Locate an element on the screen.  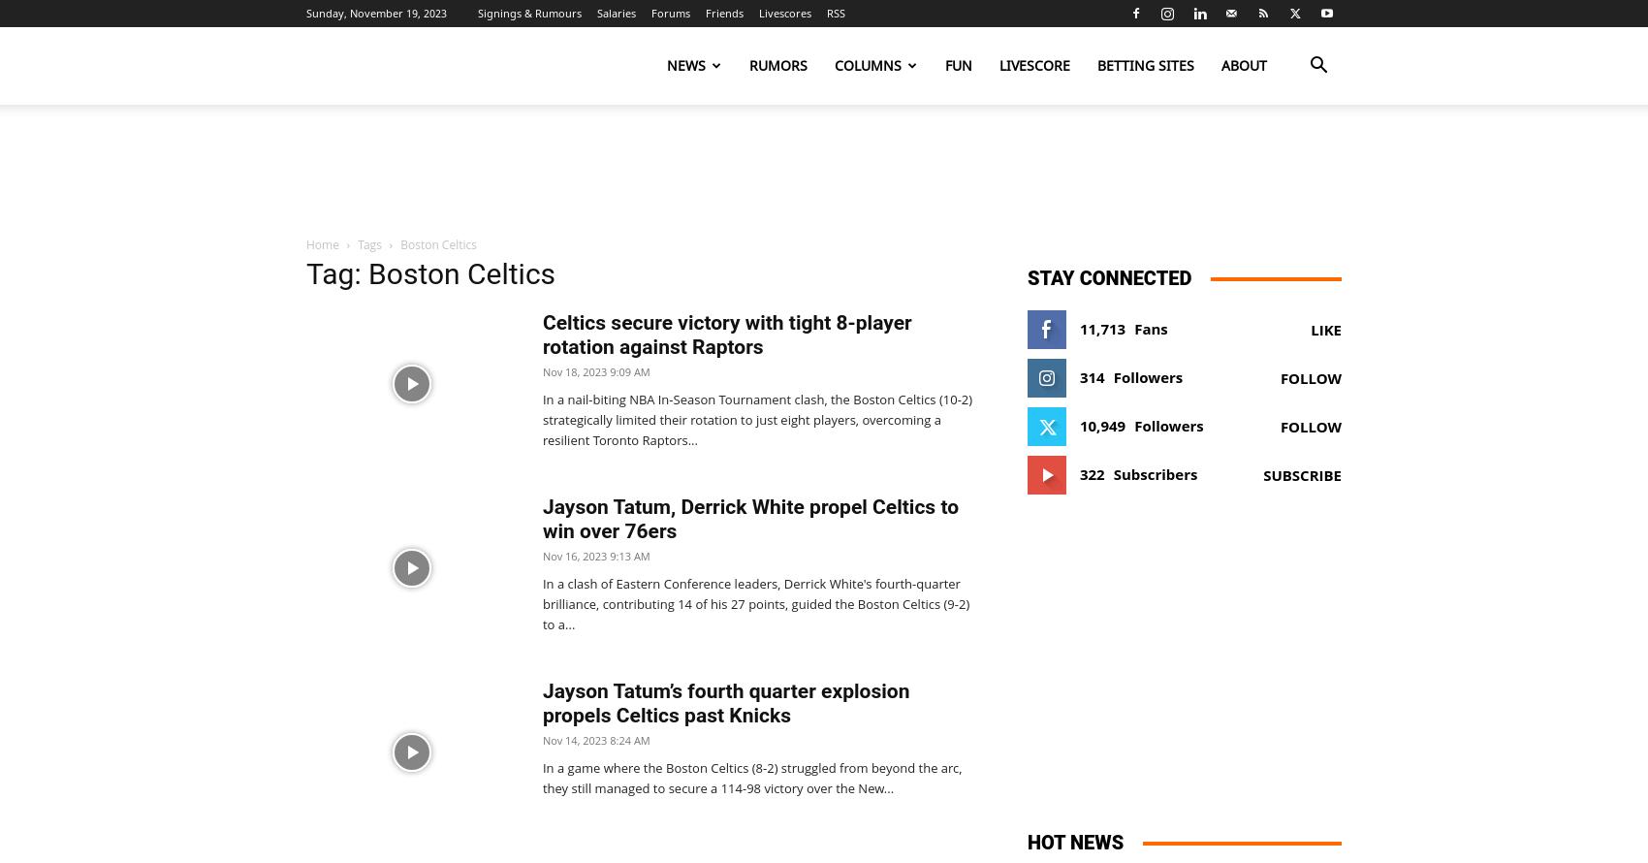
'Boston Celtics' is located at coordinates (438, 243).